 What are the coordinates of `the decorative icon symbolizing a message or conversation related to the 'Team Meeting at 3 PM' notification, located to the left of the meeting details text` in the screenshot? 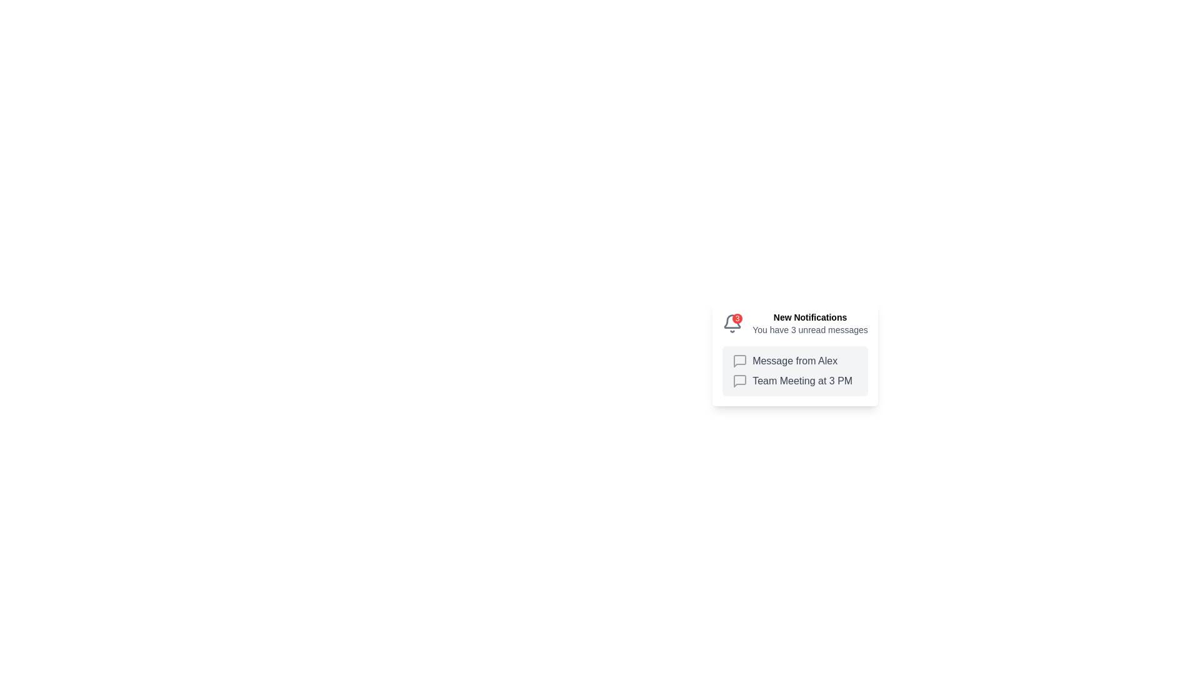 It's located at (740, 380).